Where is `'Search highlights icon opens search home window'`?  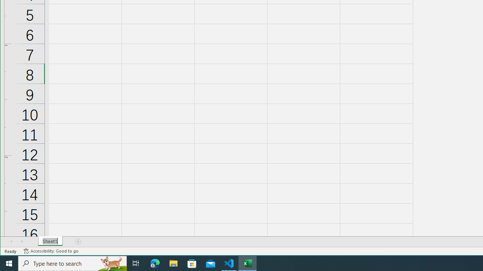 'Search highlights icon opens search home window' is located at coordinates (111, 263).